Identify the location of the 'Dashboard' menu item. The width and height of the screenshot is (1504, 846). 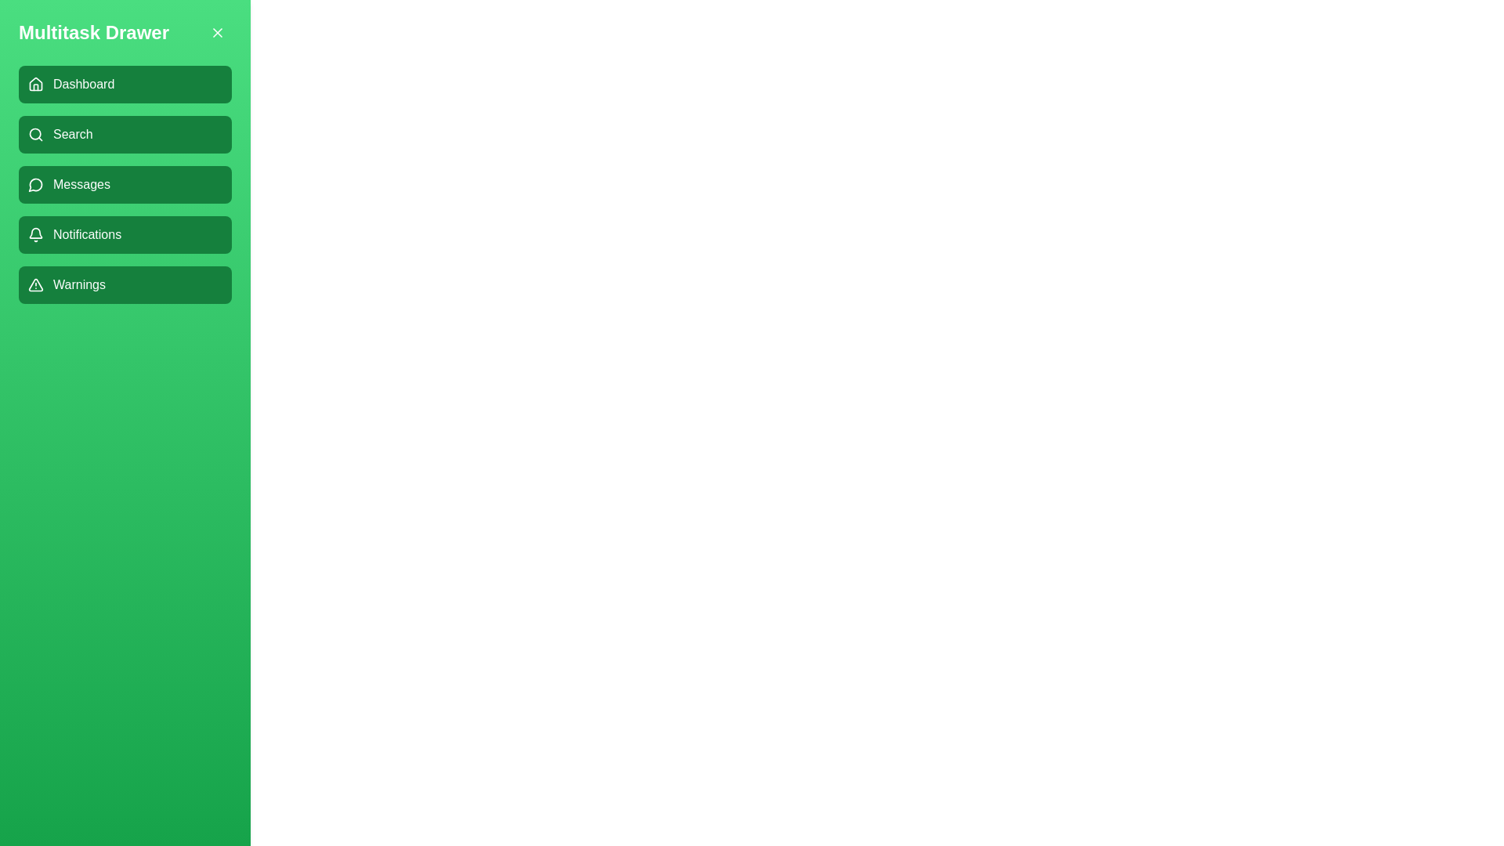
(124, 85).